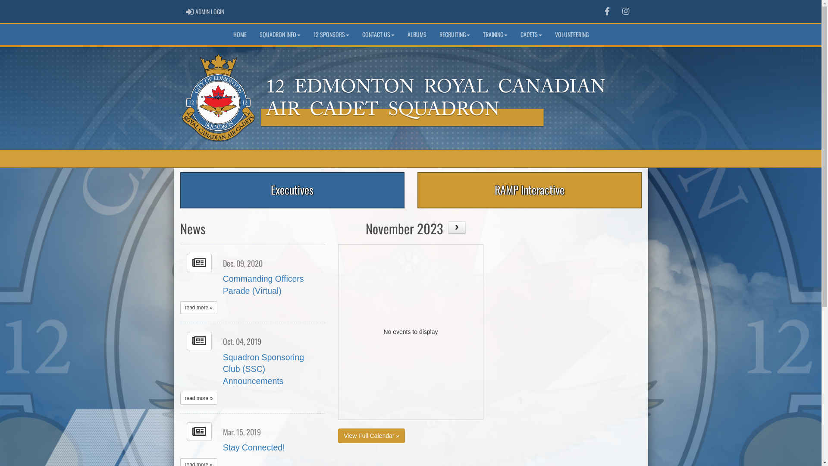 The image size is (828, 466). Describe the element at coordinates (625, 11) in the screenshot. I see `'instagram'` at that location.